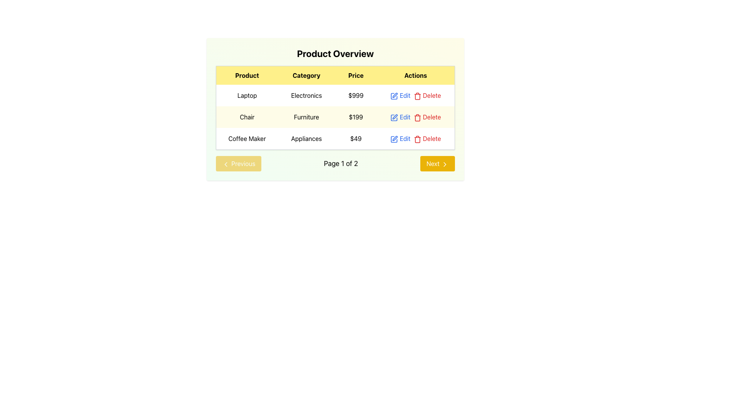  What do you see at coordinates (438, 163) in the screenshot?
I see `the navigation button located at the bottom left corner of the page, which allows the user to proceed to the next page in a paginated sequence` at bounding box center [438, 163].